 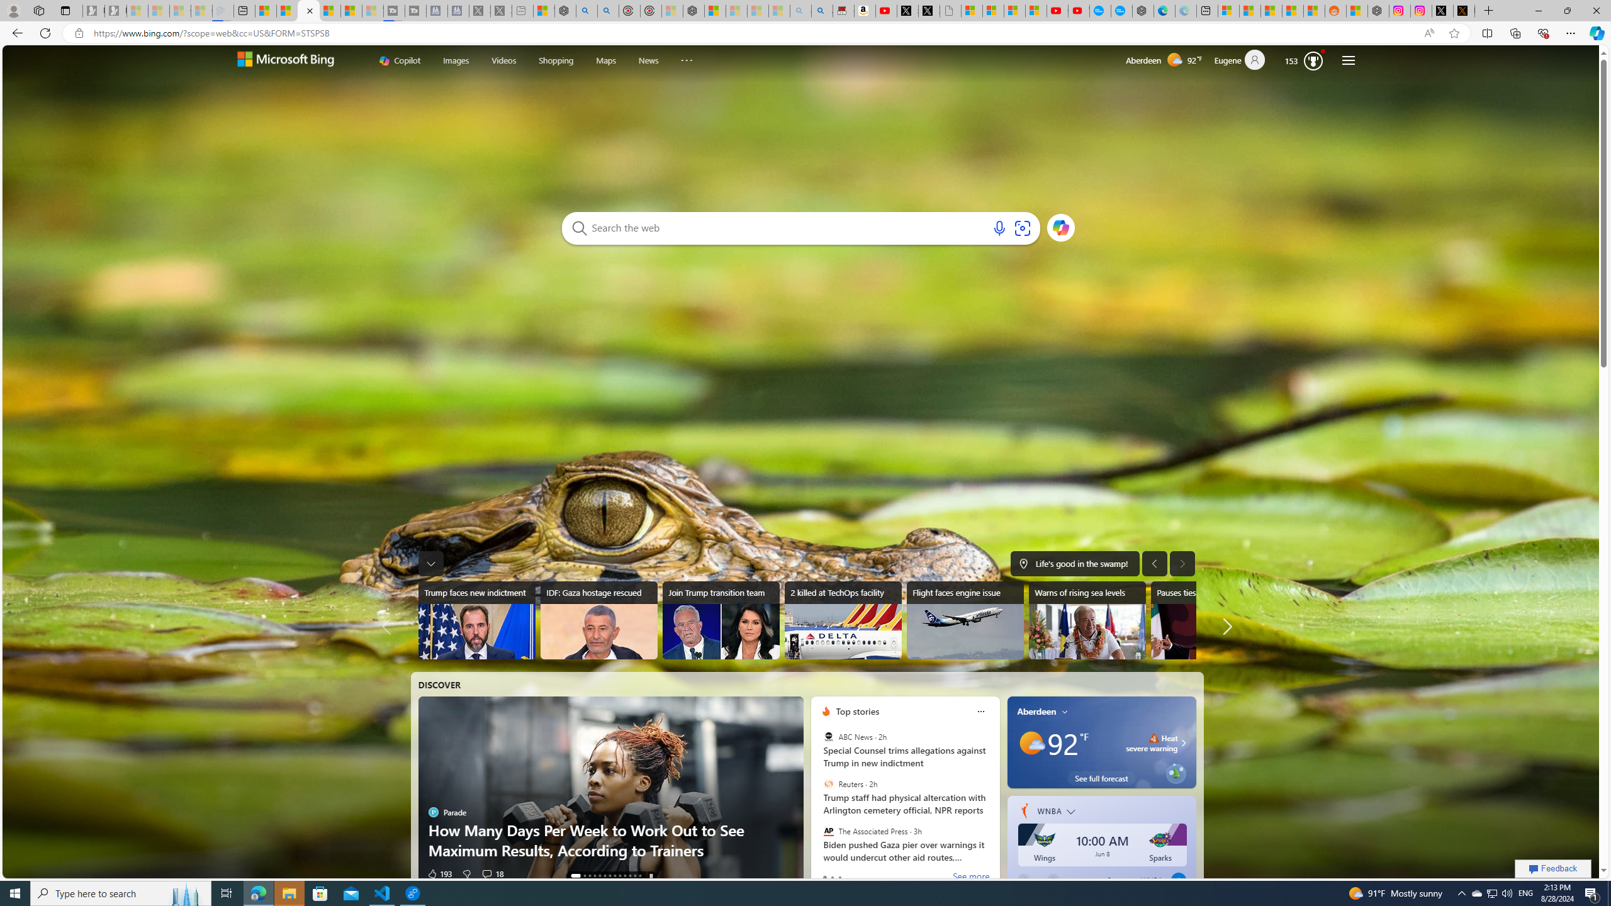 What do you see at coordinates (929, 10) in the screenshot?
I see `'X'` at bounding box center [929, 10].